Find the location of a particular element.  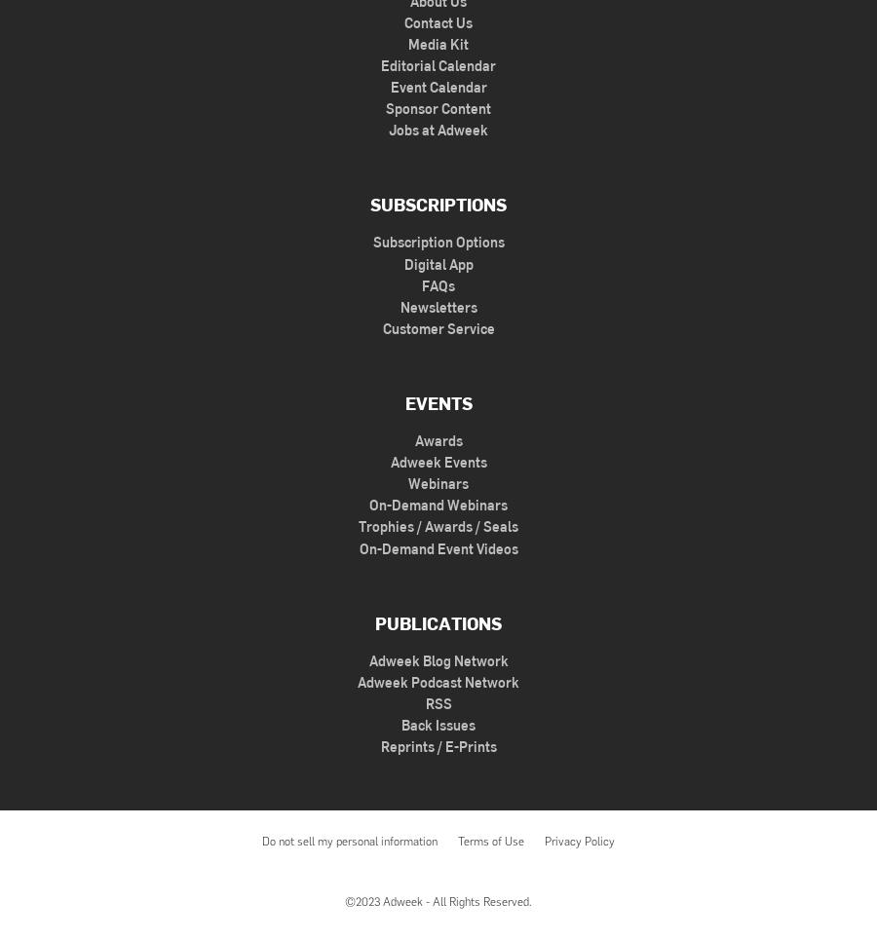

'Why Bayer Has Turned to AI to Transform Consumer Self-Care' is located at coordinates (290, 826).